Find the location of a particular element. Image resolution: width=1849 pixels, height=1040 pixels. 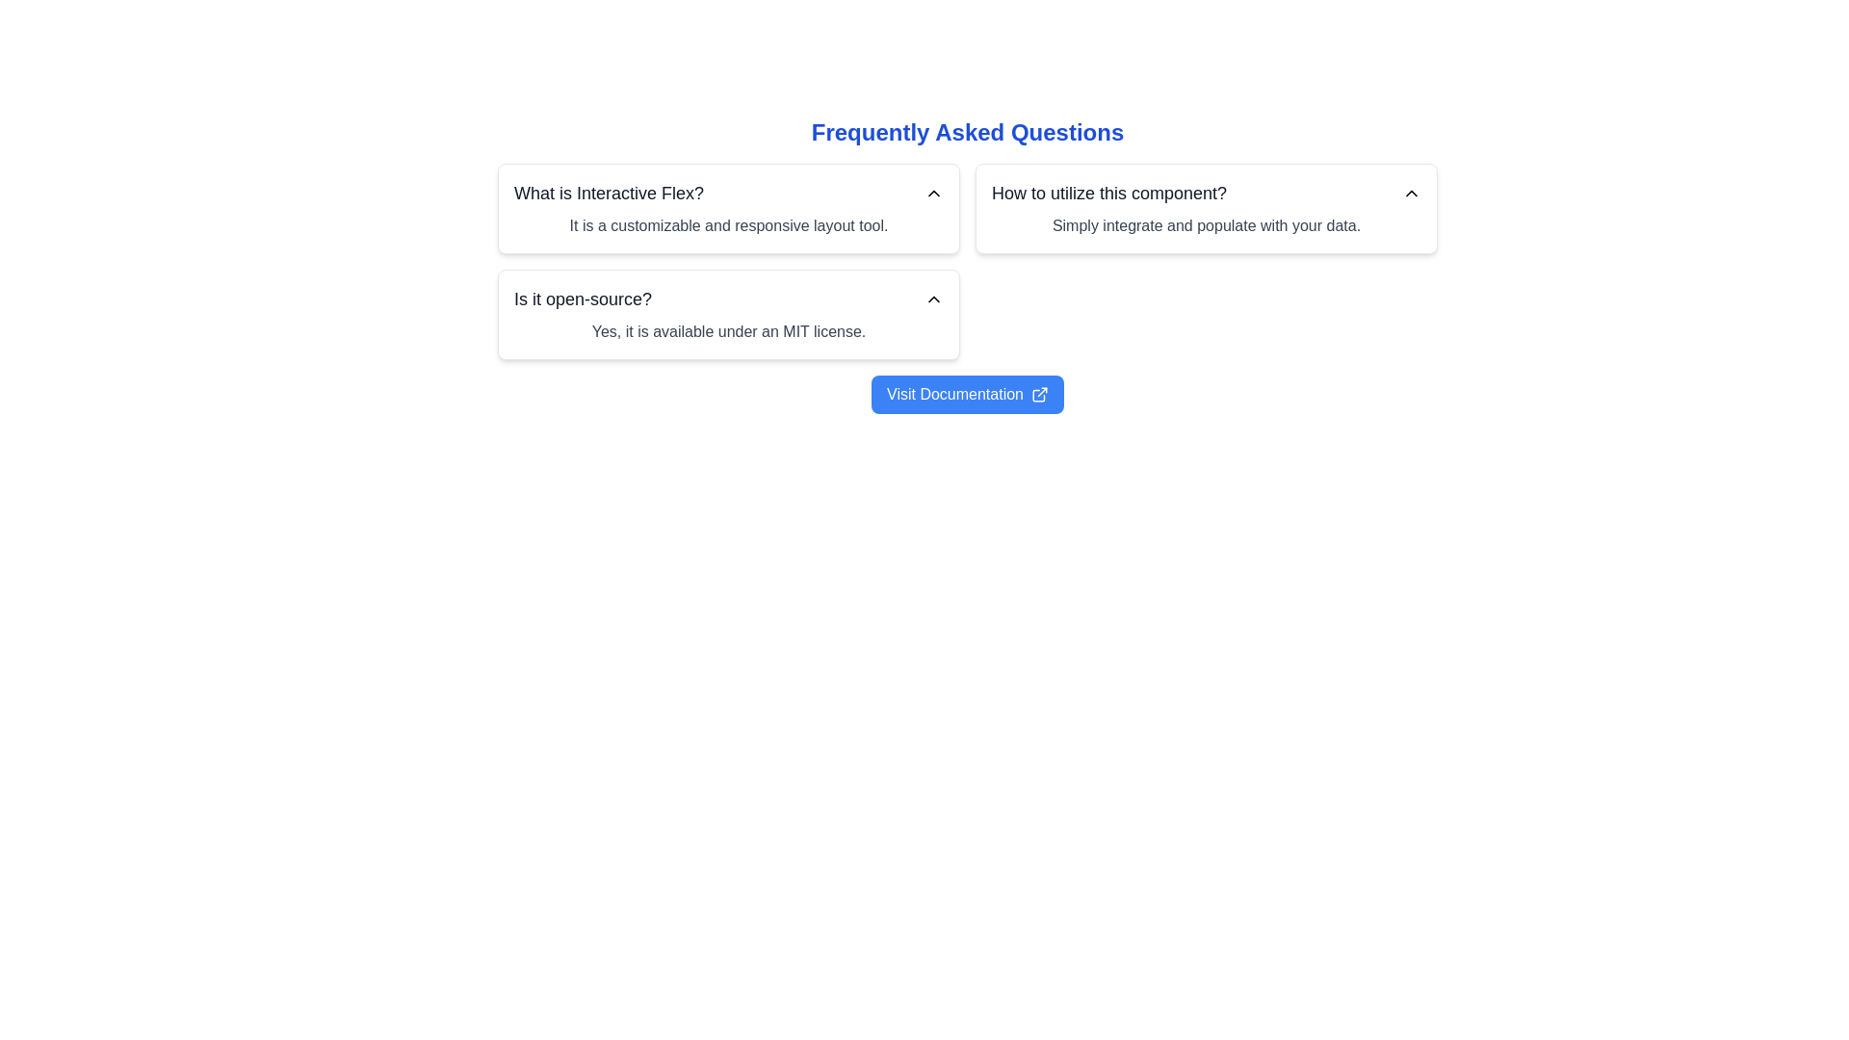

the Information card titled 'How to utilize this component?' located in the upper-right section of the FAQ grid, which is the second card in the grid is located at coordinates (1205, 208).